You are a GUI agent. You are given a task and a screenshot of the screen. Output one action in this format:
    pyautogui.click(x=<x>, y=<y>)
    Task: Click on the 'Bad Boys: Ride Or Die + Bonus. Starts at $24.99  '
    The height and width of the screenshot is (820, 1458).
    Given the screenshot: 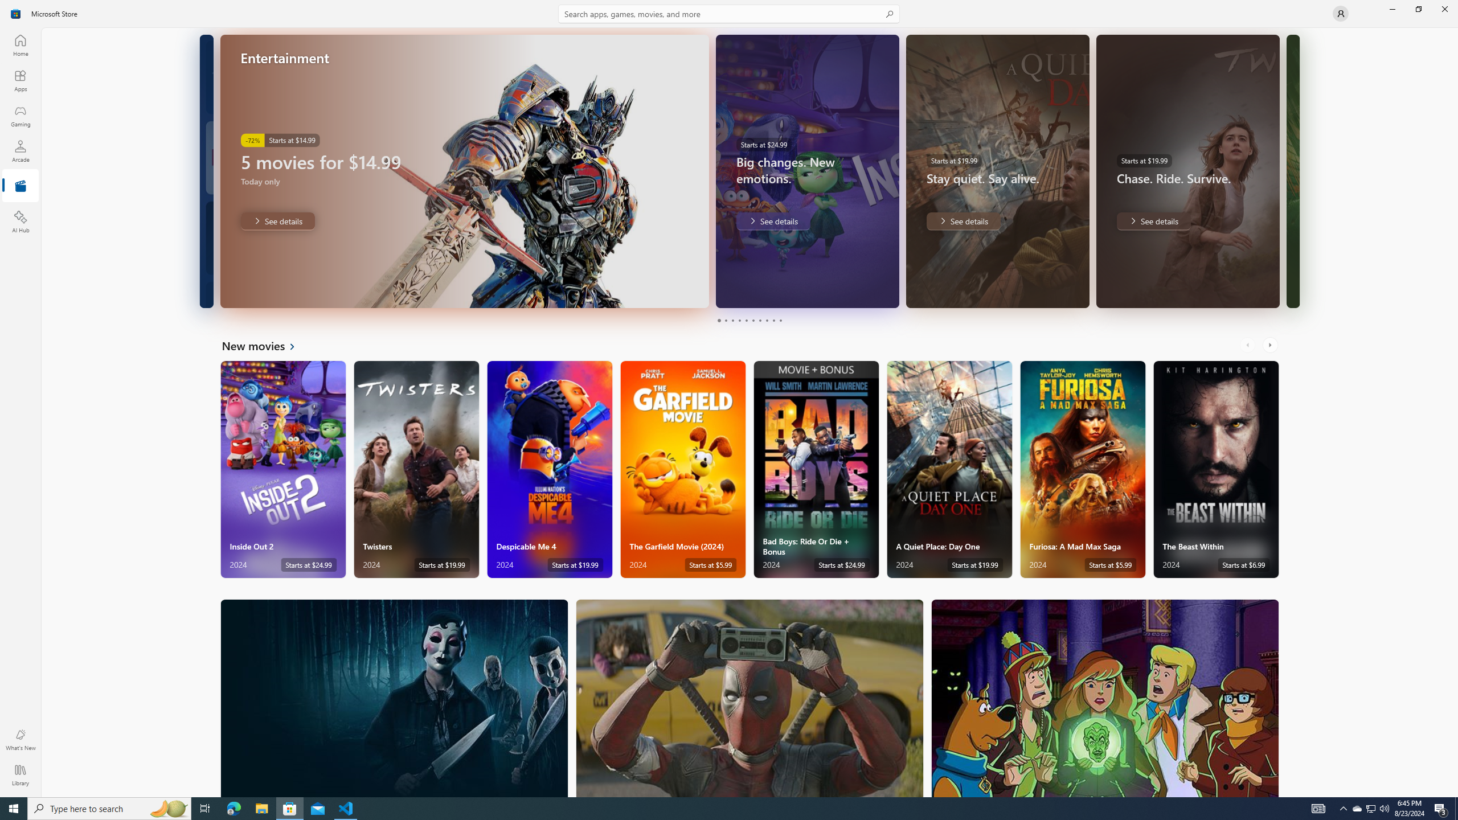 What is the action you would take?
    pyautogui.click(x=815, y=469)
    